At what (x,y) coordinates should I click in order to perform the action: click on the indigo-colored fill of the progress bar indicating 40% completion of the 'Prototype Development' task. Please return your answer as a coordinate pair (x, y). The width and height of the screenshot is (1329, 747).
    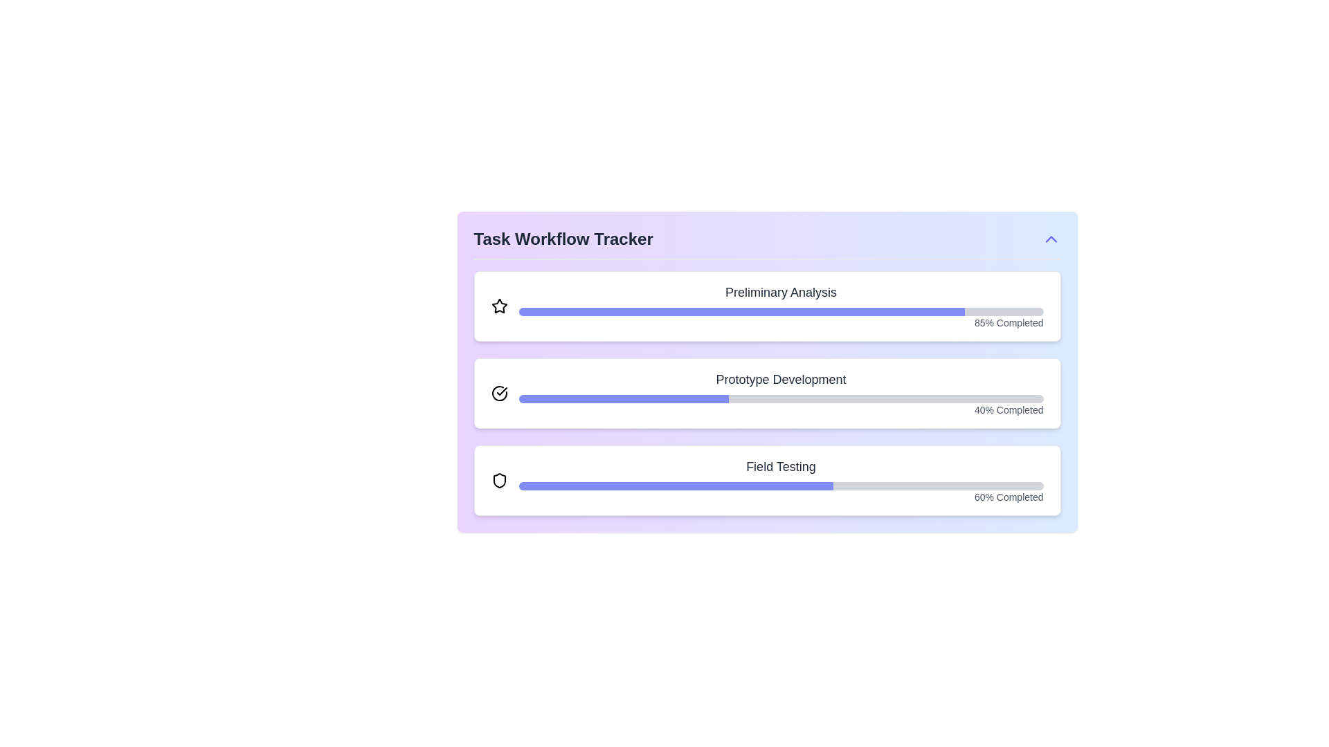
    Looking at the image, I should click on (623, 399).